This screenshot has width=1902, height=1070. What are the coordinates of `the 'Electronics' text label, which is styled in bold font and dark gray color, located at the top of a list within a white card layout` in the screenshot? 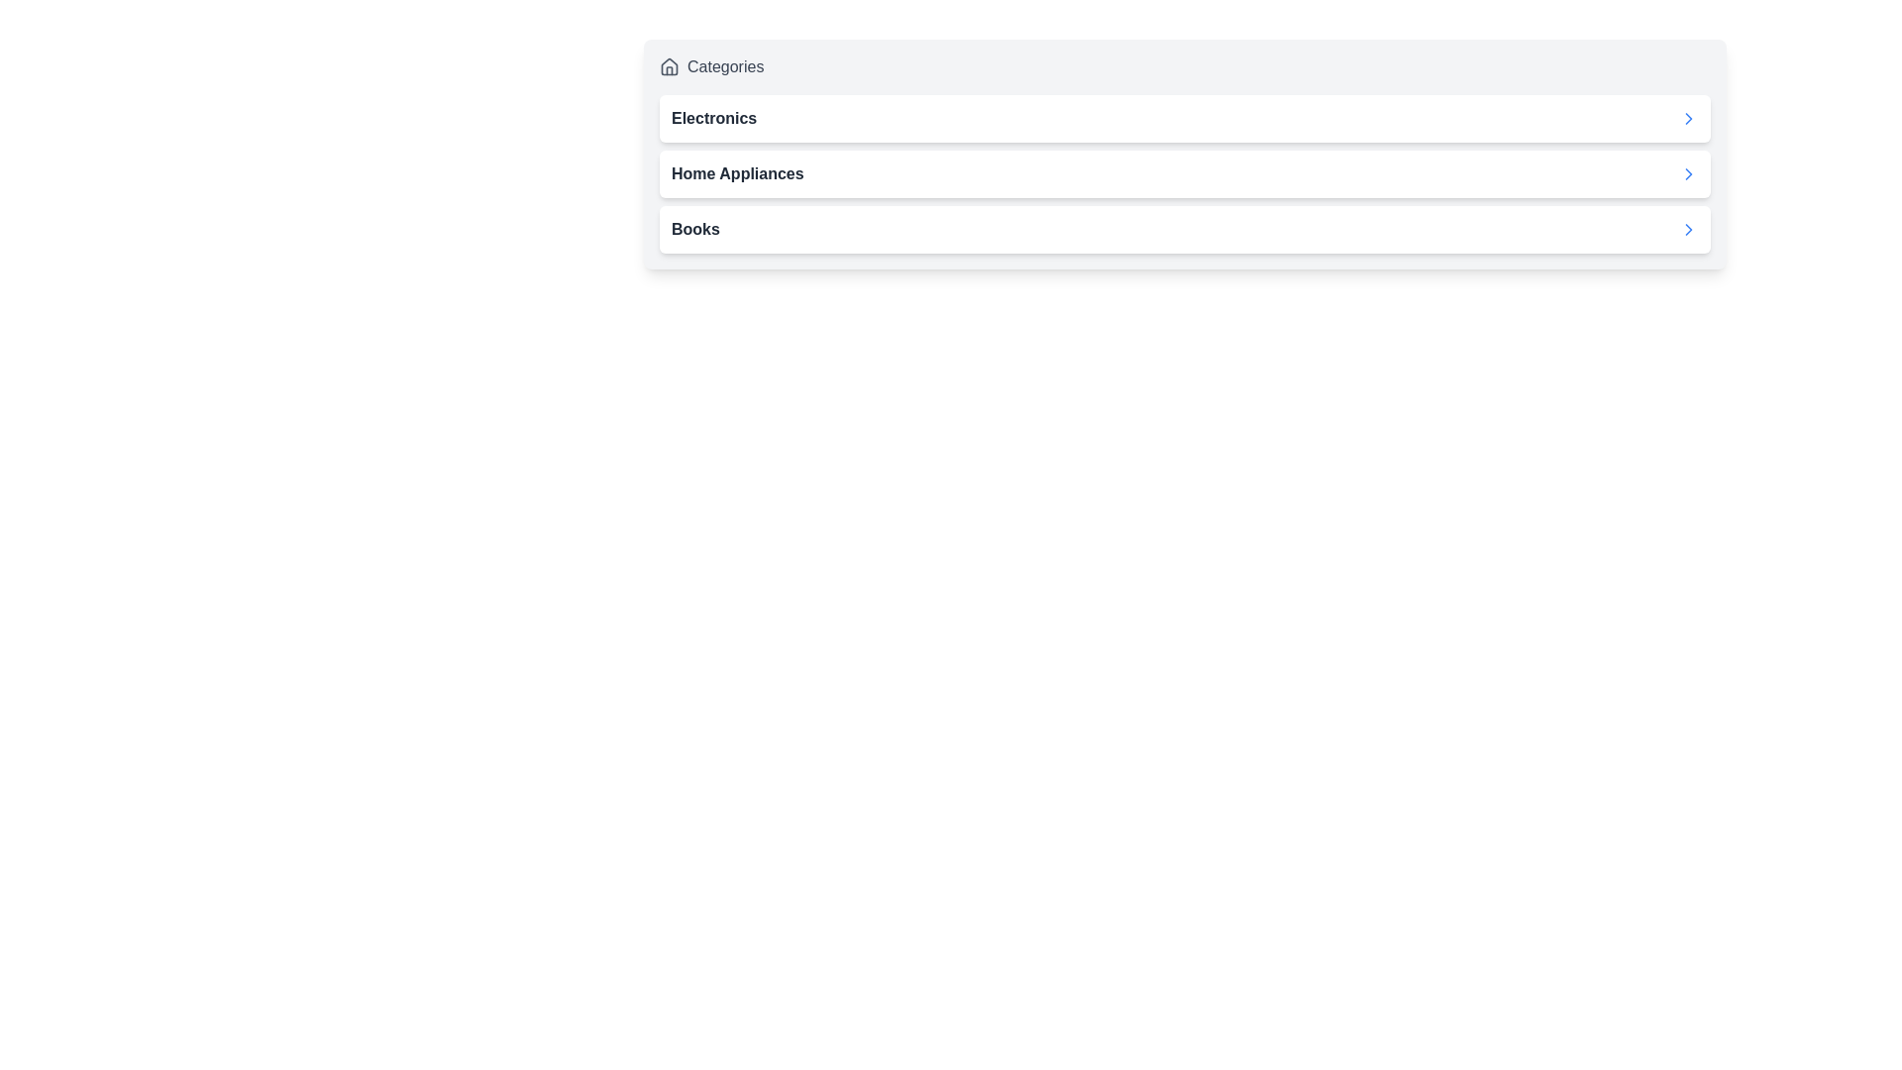 It's located at (713, 118).